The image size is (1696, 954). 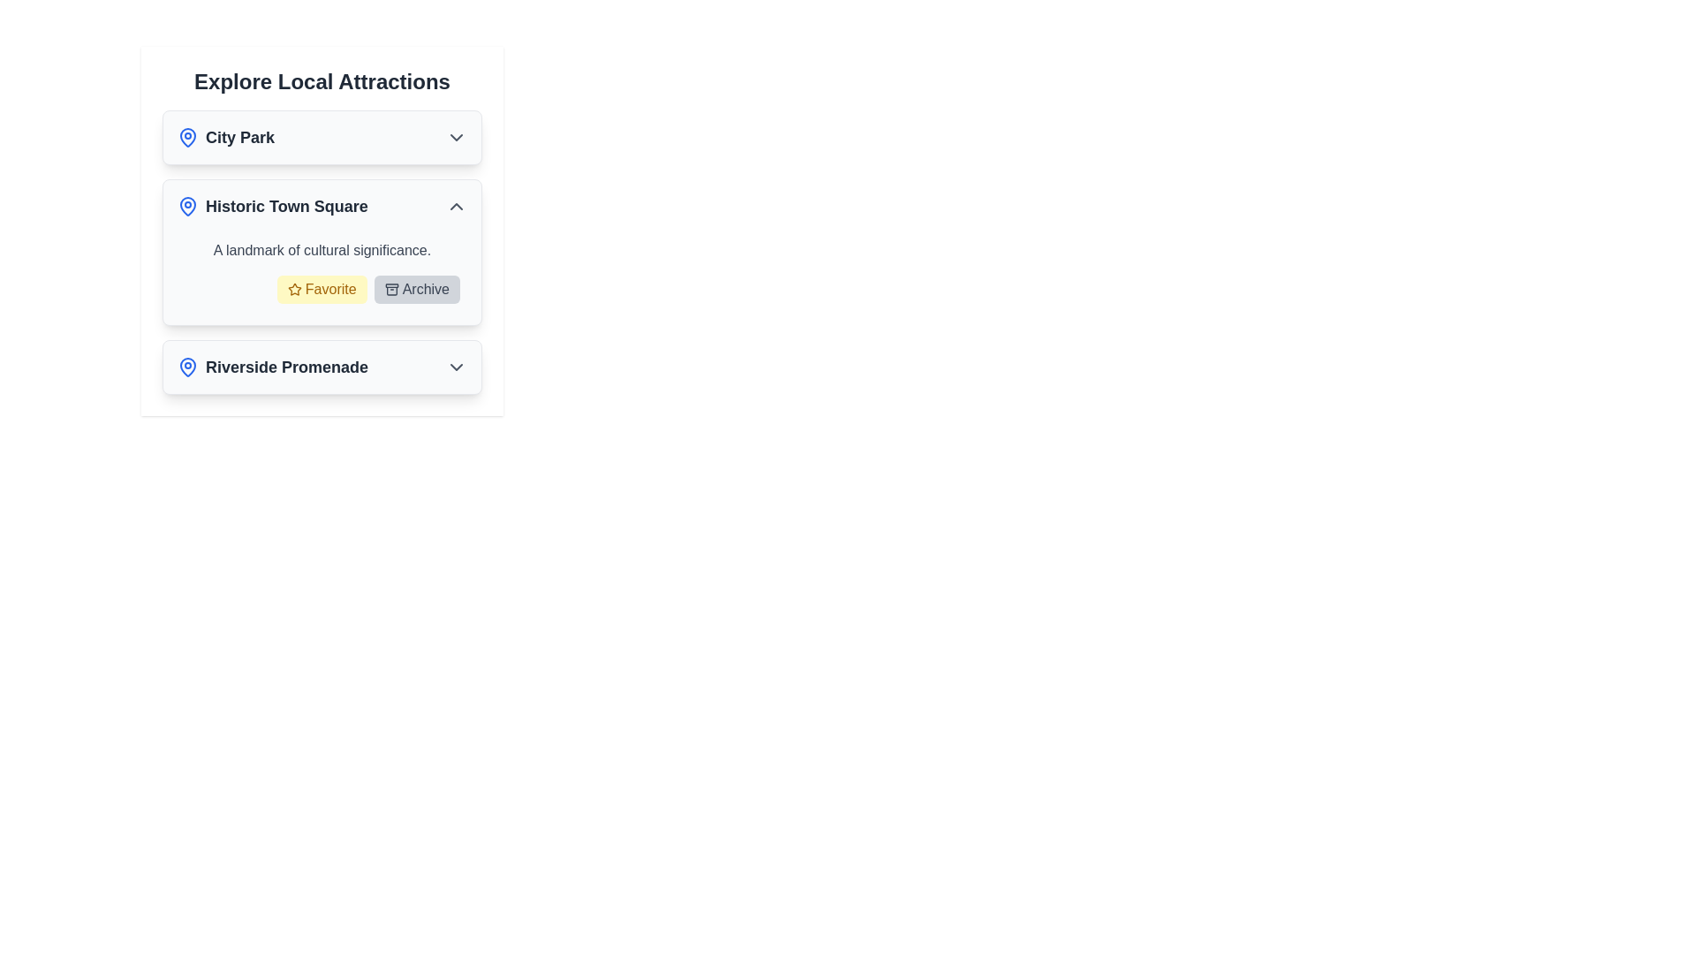 I want to click on the map pin icon with a blue outline located next to the 'Historic Town Square' title to initiate potential interaction, so click(x=187, y=206).